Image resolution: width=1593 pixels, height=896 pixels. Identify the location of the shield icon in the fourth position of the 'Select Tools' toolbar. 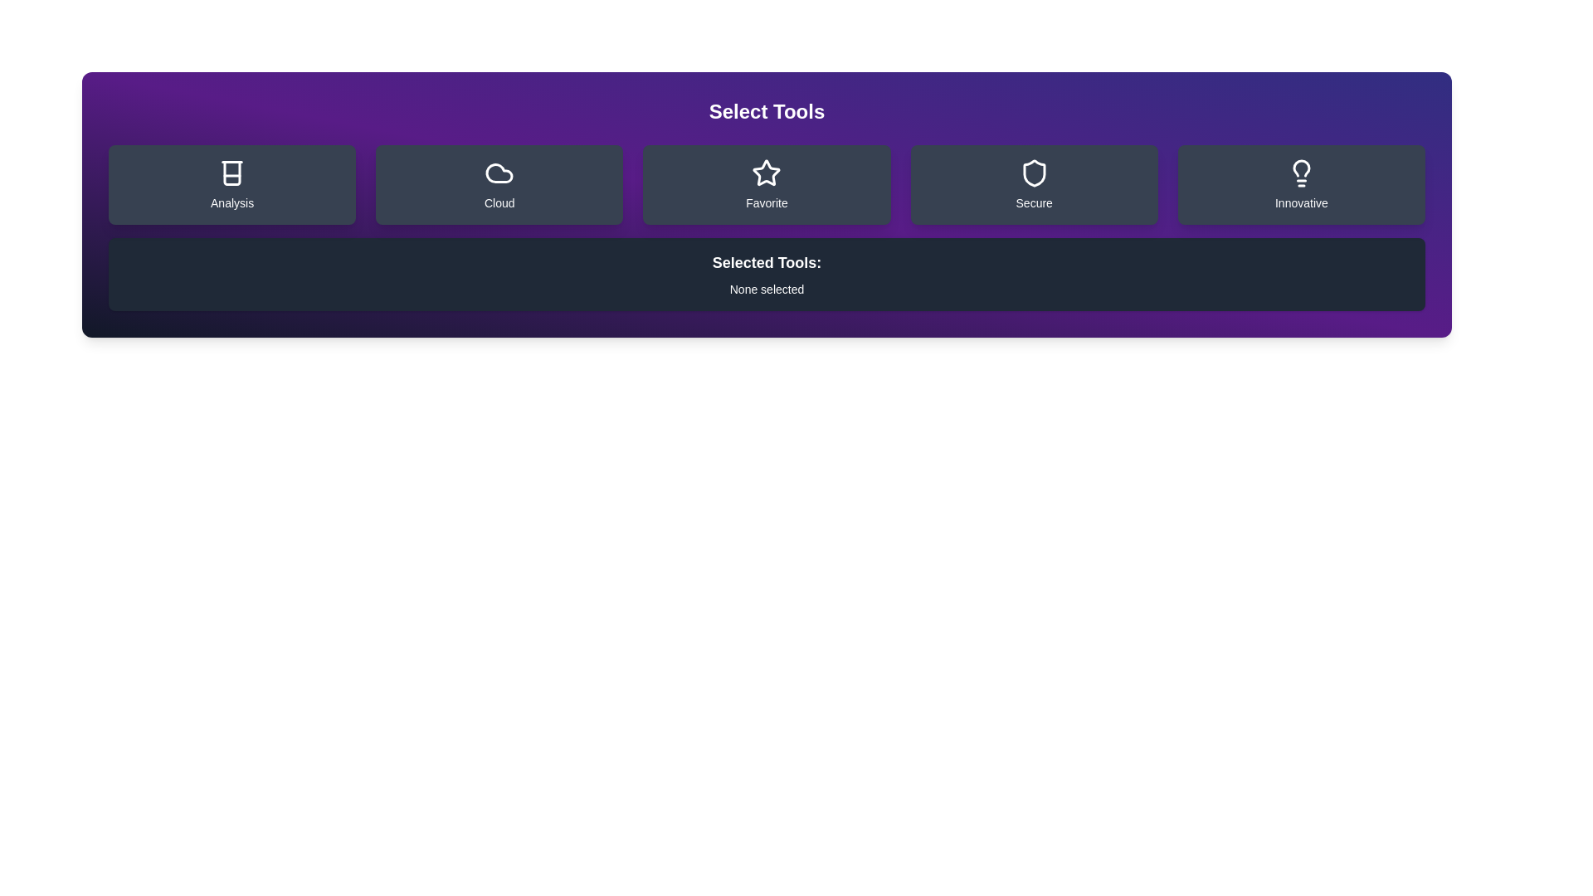
(1033, 173).